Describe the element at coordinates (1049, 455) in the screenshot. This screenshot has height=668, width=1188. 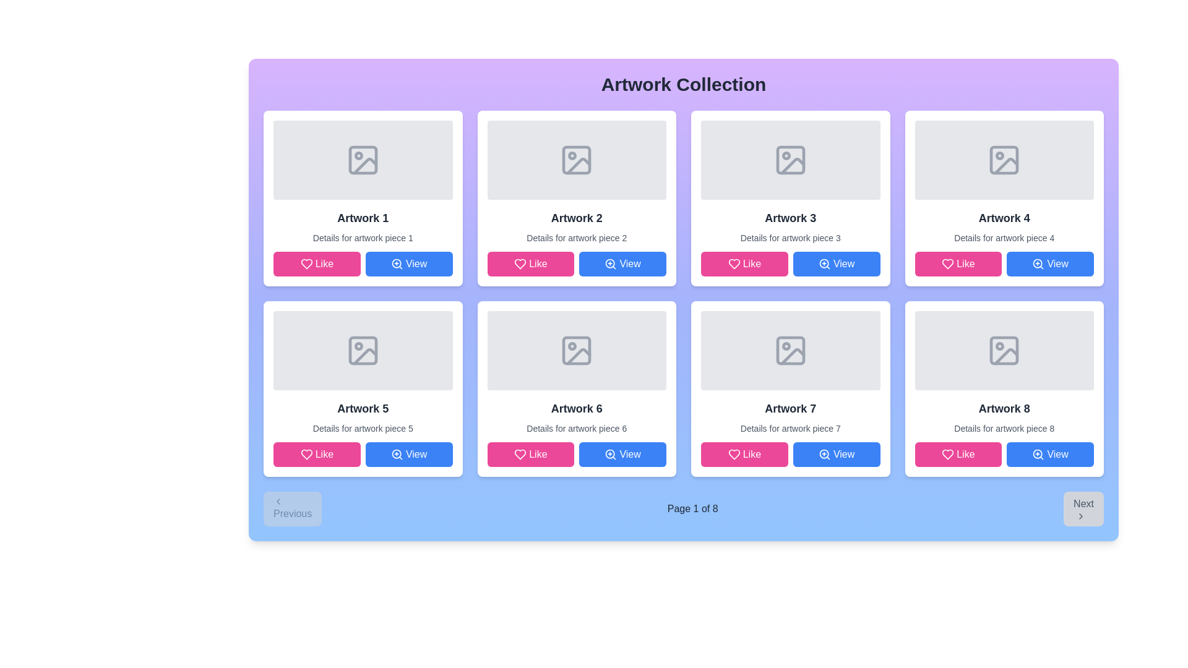
I see `the 'View' button, which is rectangular with white text on a blue background, located at the bottom-right of the interface beneath the 'Artwork 8' section` at that location.